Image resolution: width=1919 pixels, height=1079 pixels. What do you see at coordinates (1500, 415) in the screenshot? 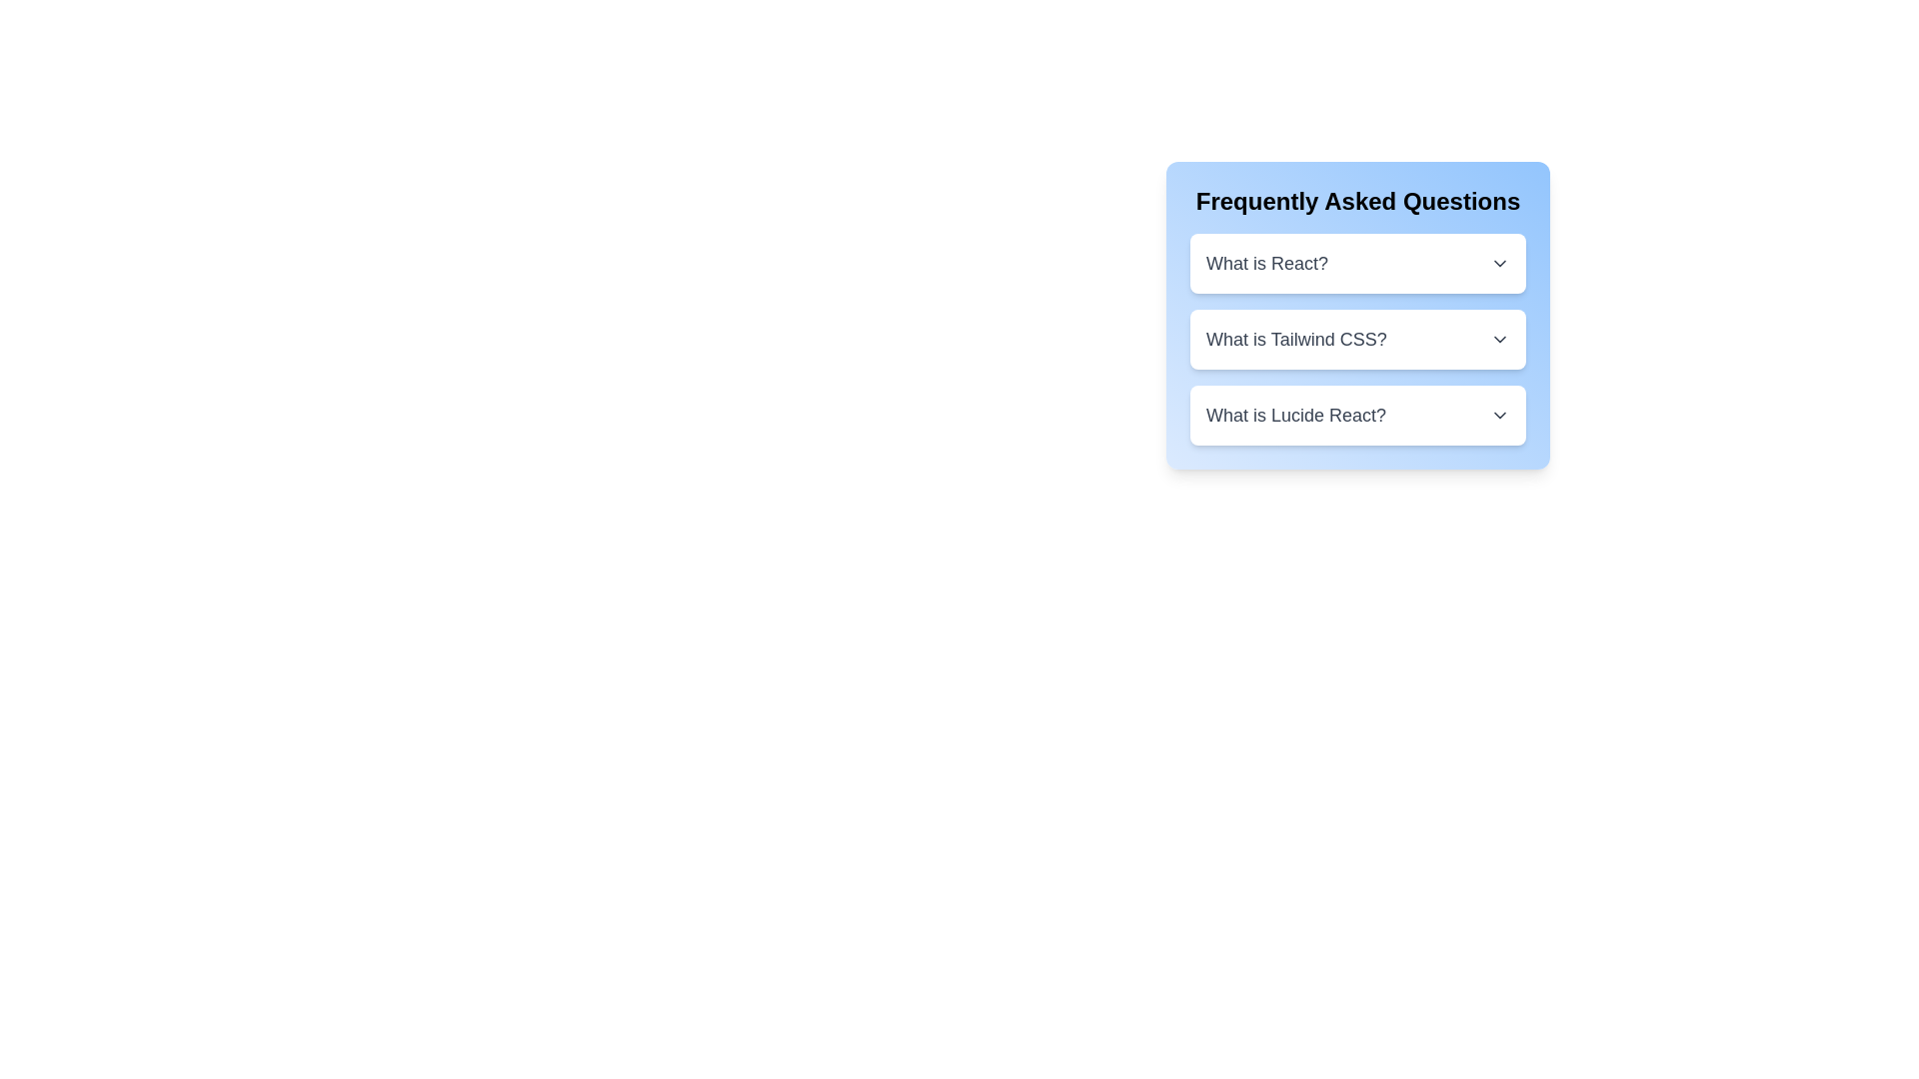
I see `the toggle icon located at the right edge of the row titled 'What is Lucide React?'` at bounding box center [1500, 415].